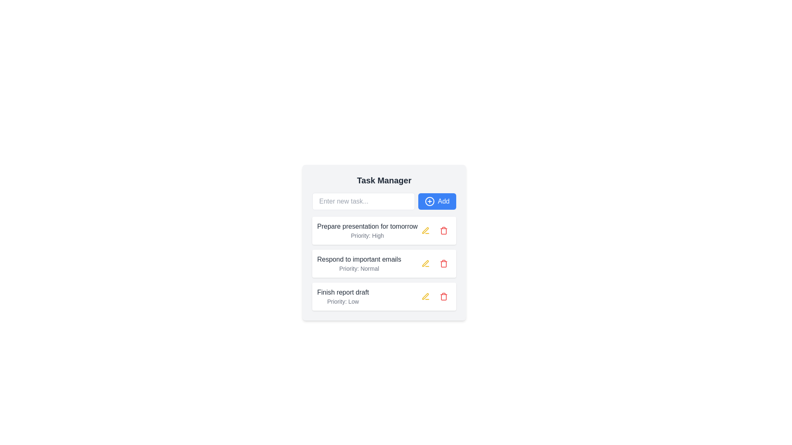  I want to click on the edit button in the lower right corner of the 'Finish report draft' task card, so click(434, 297).